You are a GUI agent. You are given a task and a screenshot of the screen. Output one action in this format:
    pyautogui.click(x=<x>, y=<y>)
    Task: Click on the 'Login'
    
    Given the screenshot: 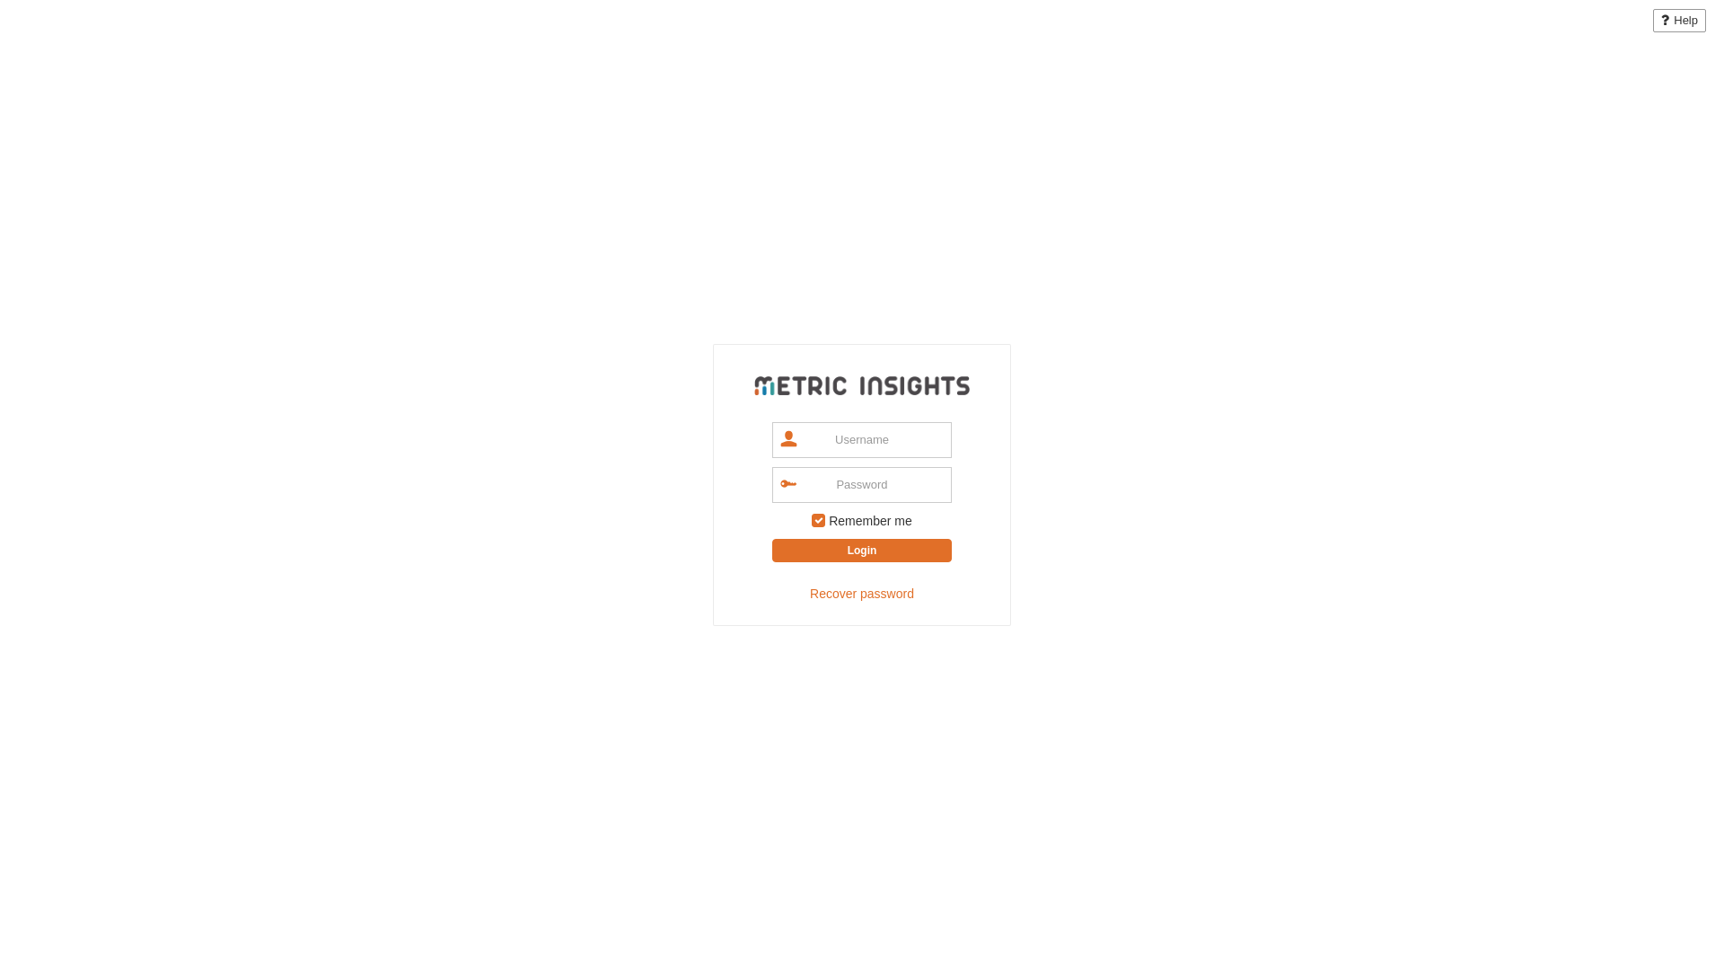 What is the action you would take?
    pyautogui.click(x=771, y=550)
    